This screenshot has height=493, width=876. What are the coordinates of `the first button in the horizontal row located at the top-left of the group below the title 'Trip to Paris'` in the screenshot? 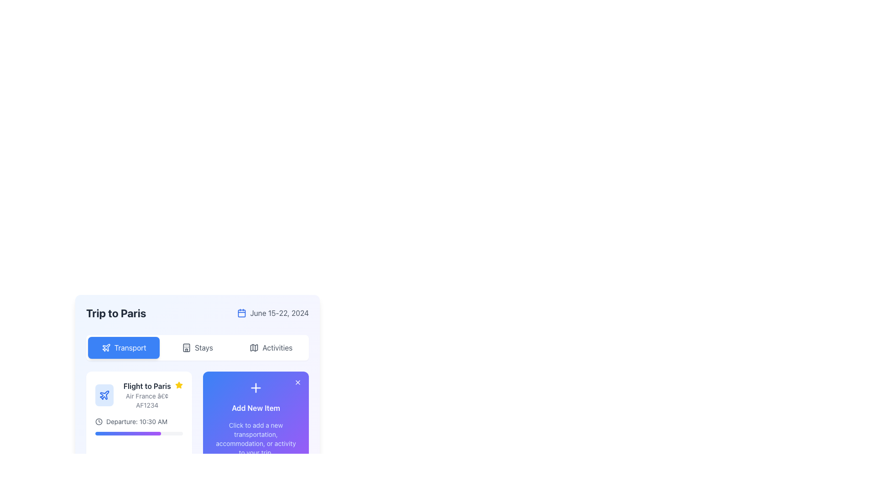 It's located at (123, 348).